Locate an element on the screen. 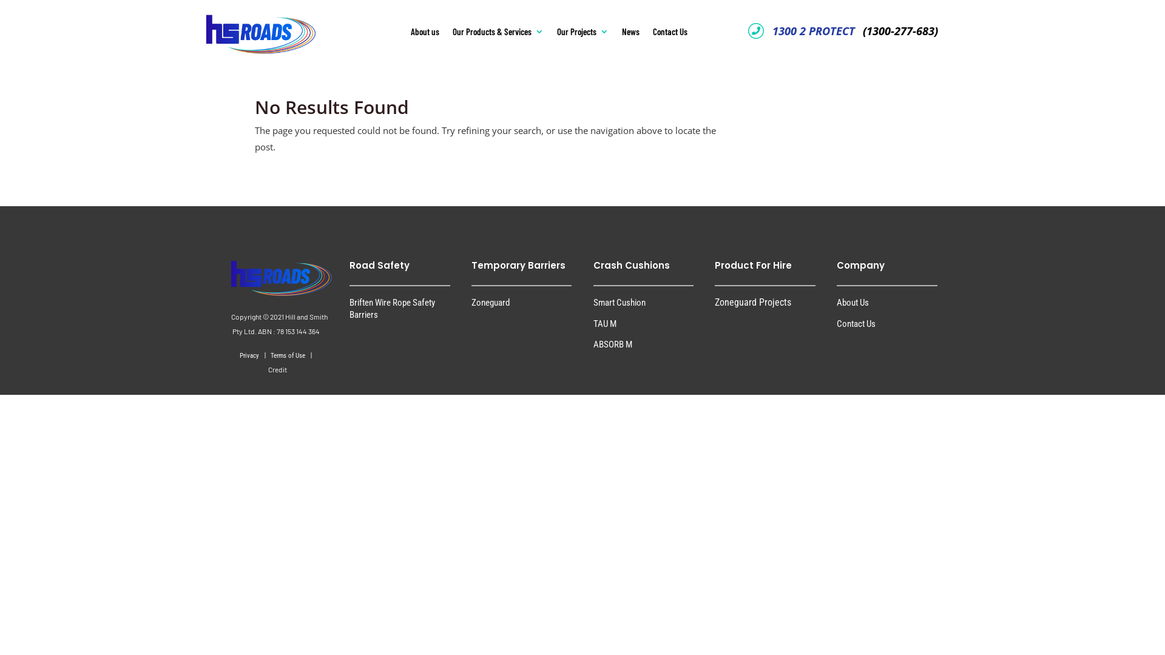  'Contact Us' is located at coordinates (856, 323).